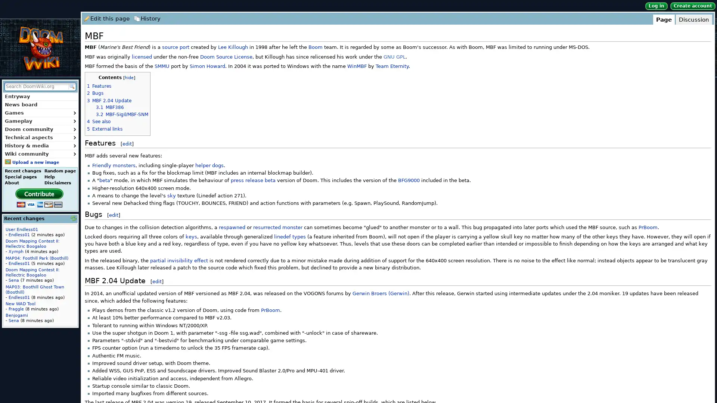 The width and height of the screenshot is (717, 403). What do you see at coordinates (39, 197) in the screenshot?
I see `PayPal - The safer, easier way to pay online!` at bounding box center [39, 197].